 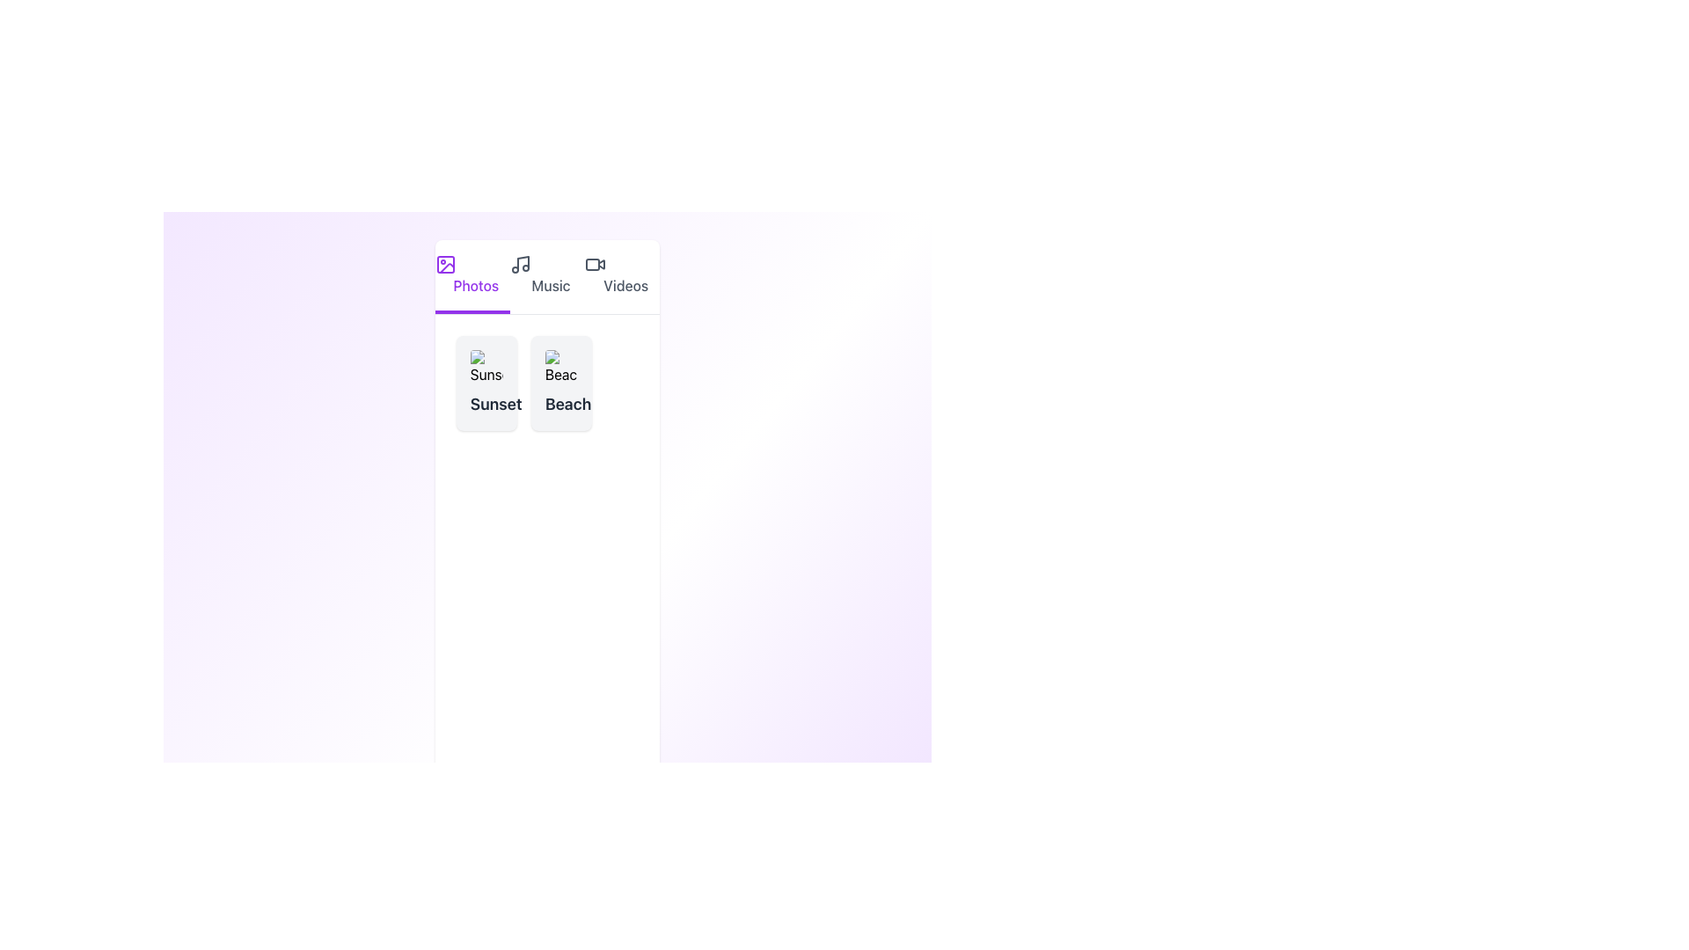 I want to click on the 'Sunset' image thumbnail located in the 'Photos' section of the gallery, so click(x=486, y=366).